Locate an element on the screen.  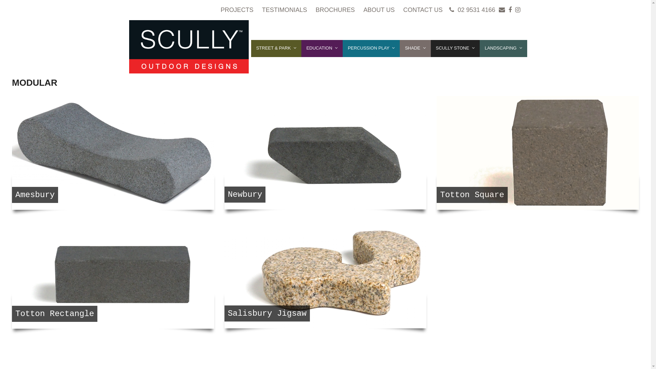
'EDUCATION' is located at coordinates (301, 48).